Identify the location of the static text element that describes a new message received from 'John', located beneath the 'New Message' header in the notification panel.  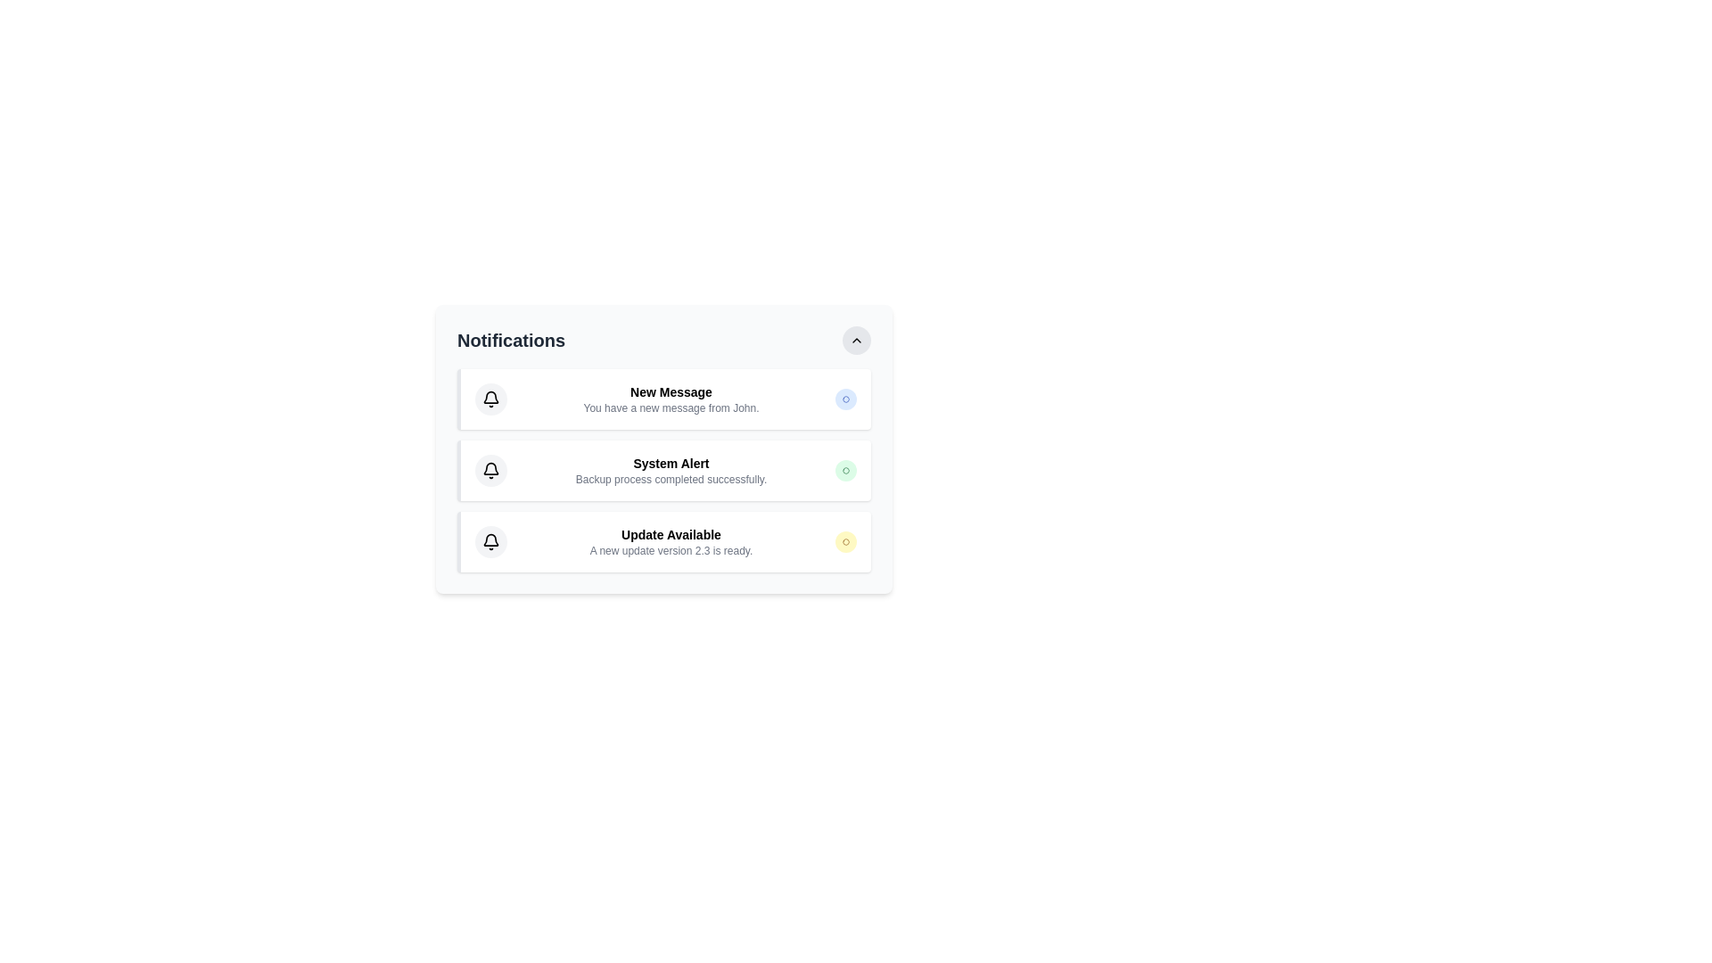
(671, 408).